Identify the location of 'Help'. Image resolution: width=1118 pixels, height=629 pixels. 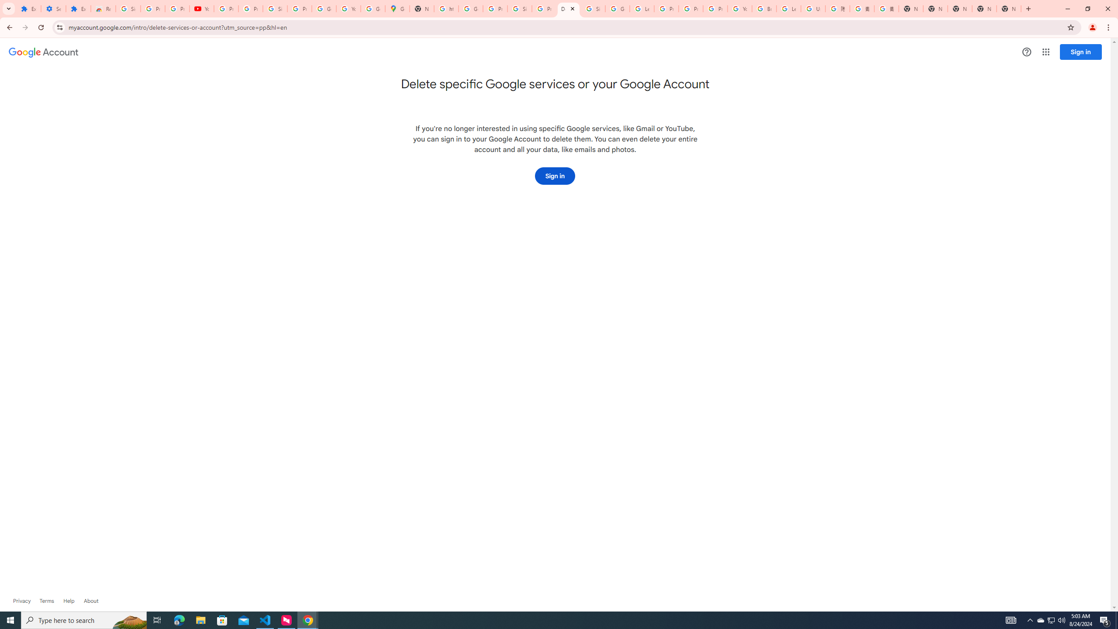
(68, 600).